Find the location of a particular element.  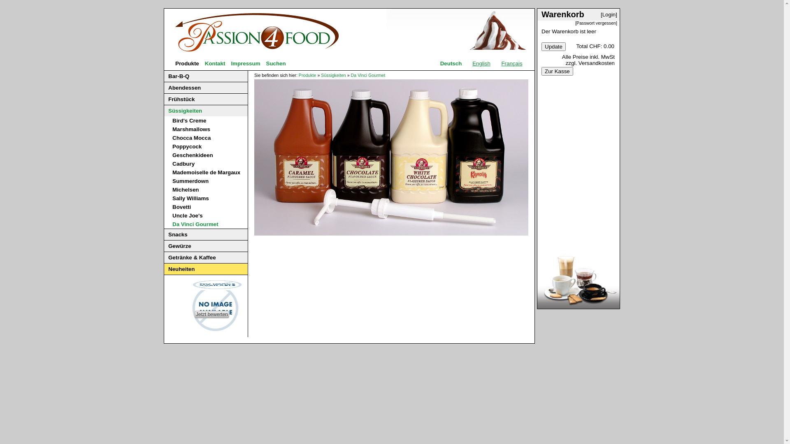

'Mademoiselle de Margaux' is located at coordinates (172, 172).